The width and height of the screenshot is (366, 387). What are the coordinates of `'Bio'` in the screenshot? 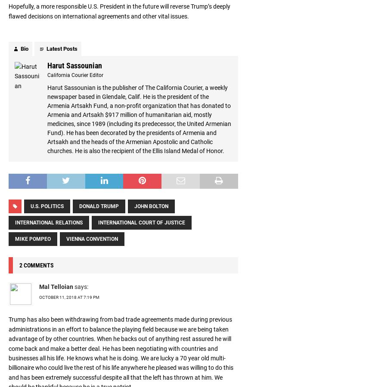 It's located at (25, 48).